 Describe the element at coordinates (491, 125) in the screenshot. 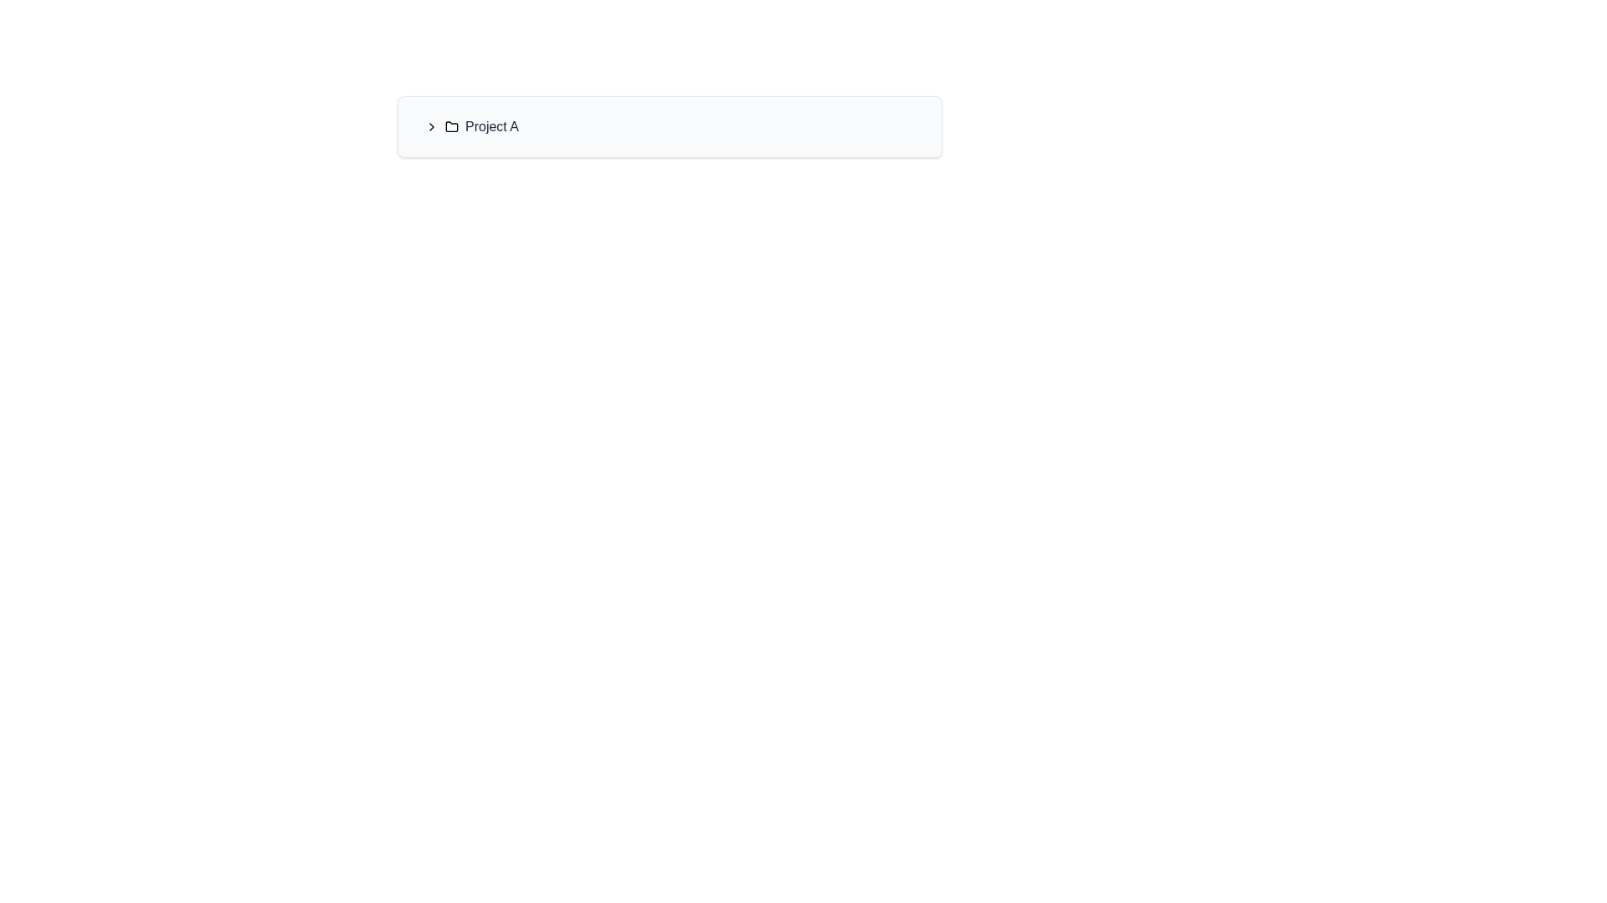

I see `the project name text label located in the middle of the horizontal row layout, following an icon and a folder icon` at that location.